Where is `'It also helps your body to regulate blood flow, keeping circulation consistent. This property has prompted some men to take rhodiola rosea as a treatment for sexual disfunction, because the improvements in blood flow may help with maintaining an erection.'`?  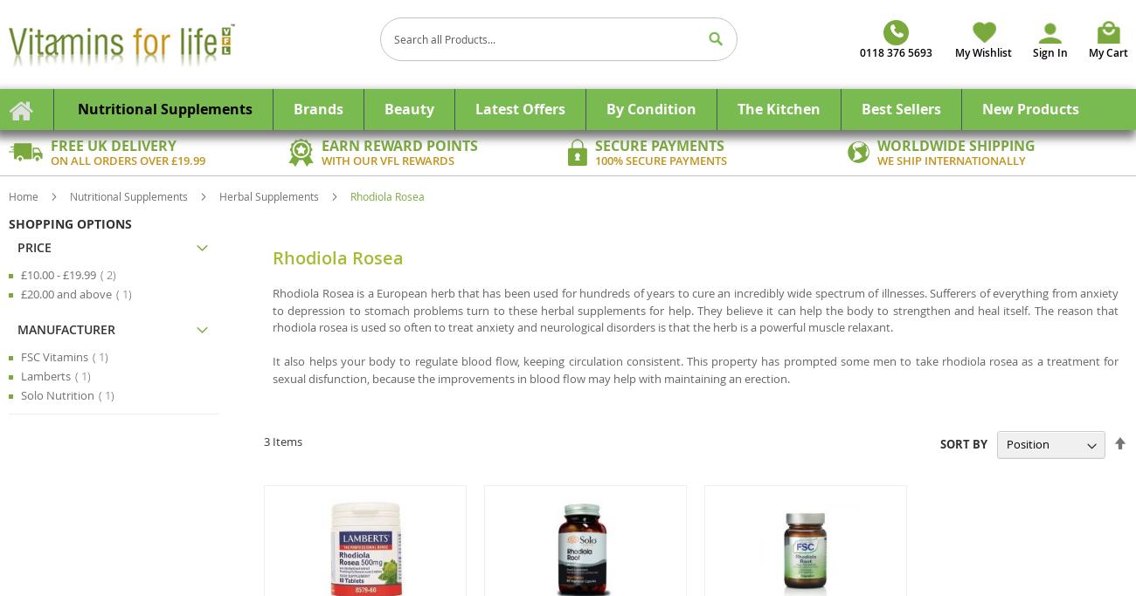 'It also helps your body to regulate blood flow, keeping circulation consistent. This property has prompted some men to take rhodiola rosea as a treatment for sexual disfunction, because the improvements in blood flow may help with maintaining an erection.' is located at coordinates (694, 369).